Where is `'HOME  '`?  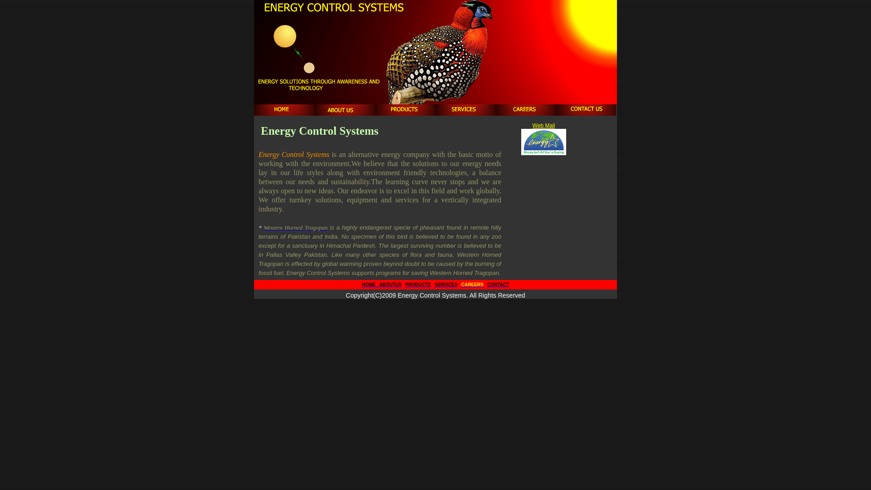 'HOME  ' is located at coordinates (361, 284).